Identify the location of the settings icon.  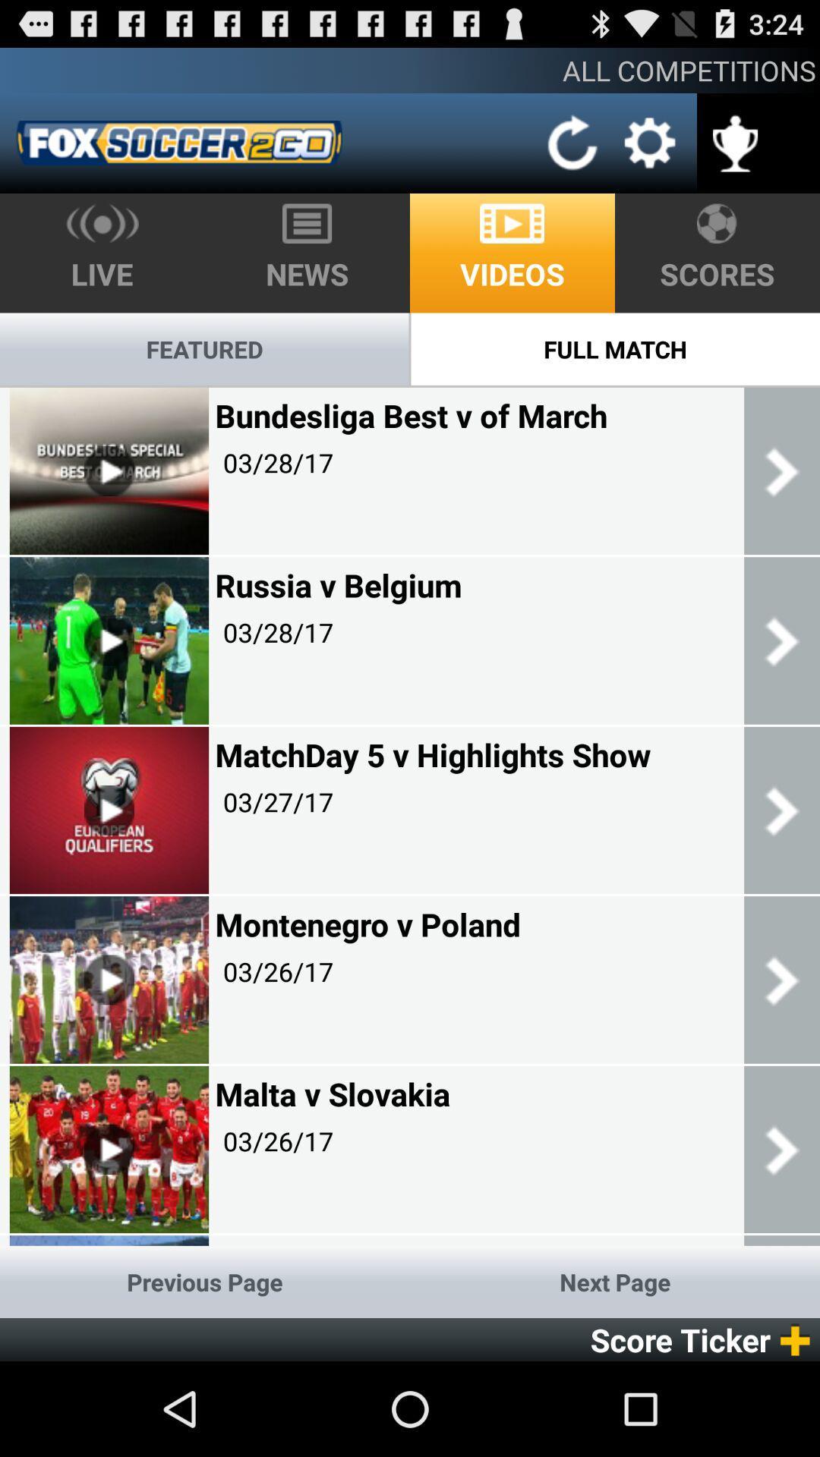
(649, 153).